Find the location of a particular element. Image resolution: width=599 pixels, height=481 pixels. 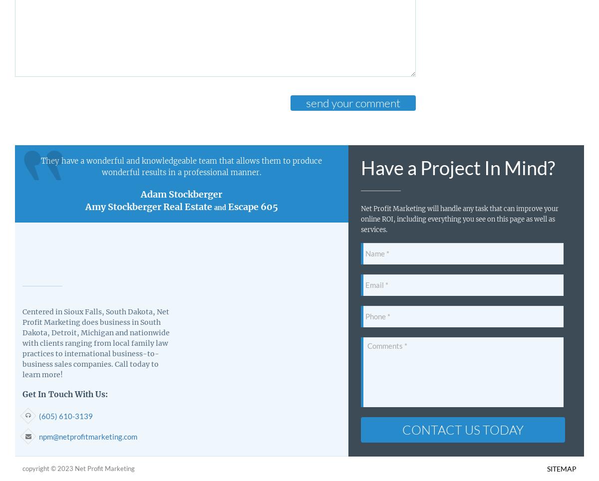

'copyright © 2023' is located at coordinates (48, 469).